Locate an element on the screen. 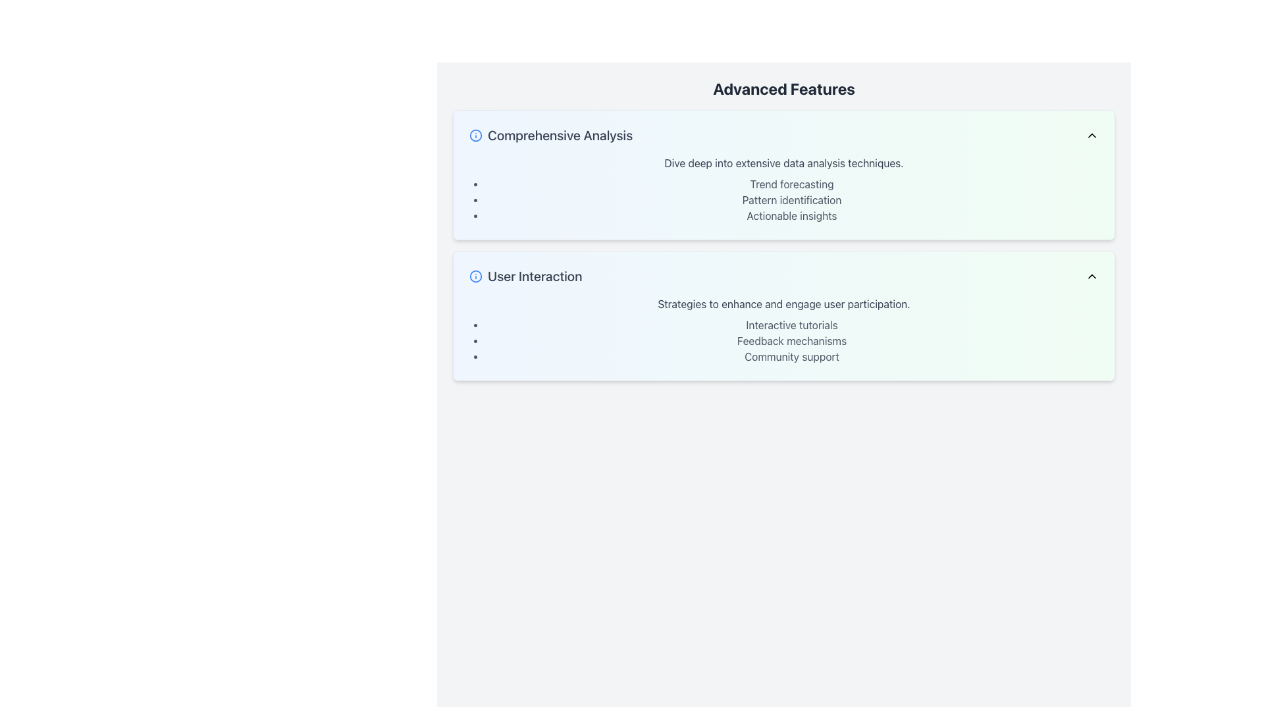 The height and width of the screenshot is (711, 1264). an item in the bulleted list under the 'Comprehensive Analysis' section is located at coordinates (783, 200).